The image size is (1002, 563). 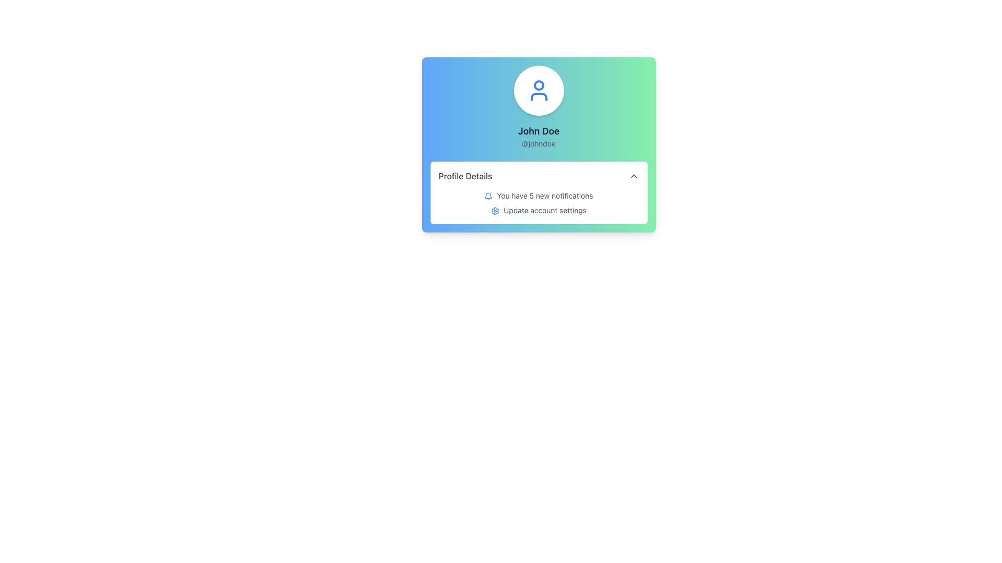 What do you see at coordinates (539, 203) in the screenshot?
I see `the informational component displaying 'You have 5 new notifications' and 'Update account settings' below the 'Profile Details' heading` at bounding box center [539, 203].